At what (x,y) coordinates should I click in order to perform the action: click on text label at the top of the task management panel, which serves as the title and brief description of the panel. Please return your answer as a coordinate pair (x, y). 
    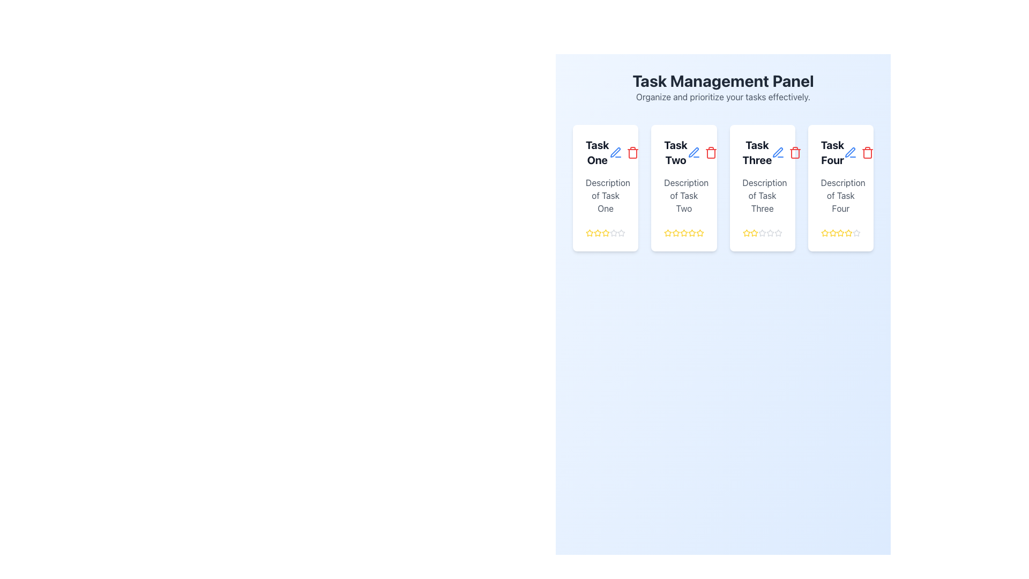
    Looking at the image, I should click on (723, 86).